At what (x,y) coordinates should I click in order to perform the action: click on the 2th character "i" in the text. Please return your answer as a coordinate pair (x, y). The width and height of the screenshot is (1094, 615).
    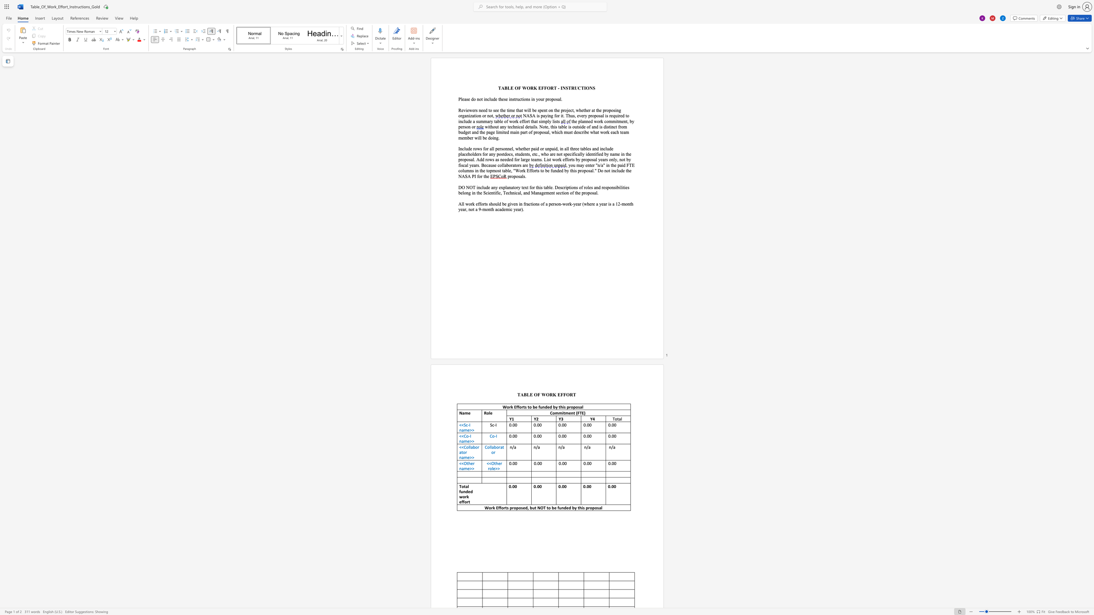
    Looking at the image, I should click on (595, 154).